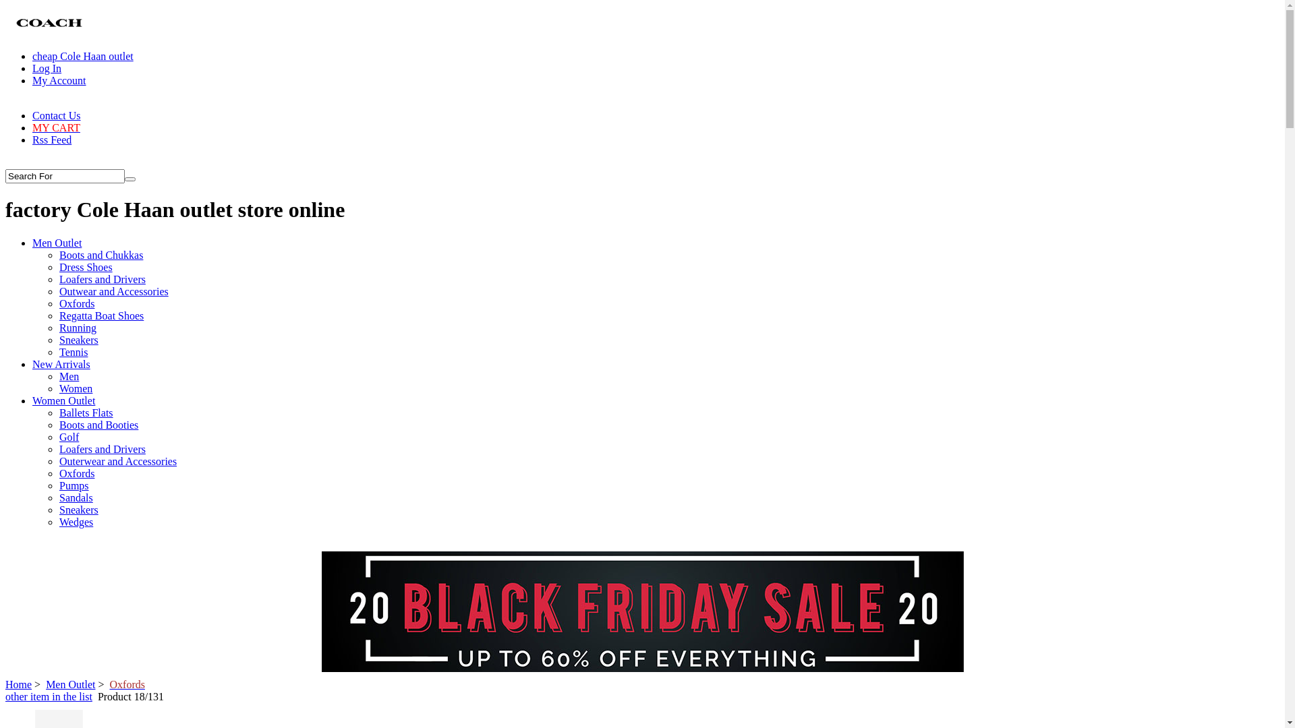 The width and height of the screenshot is (1295, 728). What do you see at coordinates (100, 315) in the screenshot?
I see `'Regatta Boat Shoes'` at bounding box center [100, 315].